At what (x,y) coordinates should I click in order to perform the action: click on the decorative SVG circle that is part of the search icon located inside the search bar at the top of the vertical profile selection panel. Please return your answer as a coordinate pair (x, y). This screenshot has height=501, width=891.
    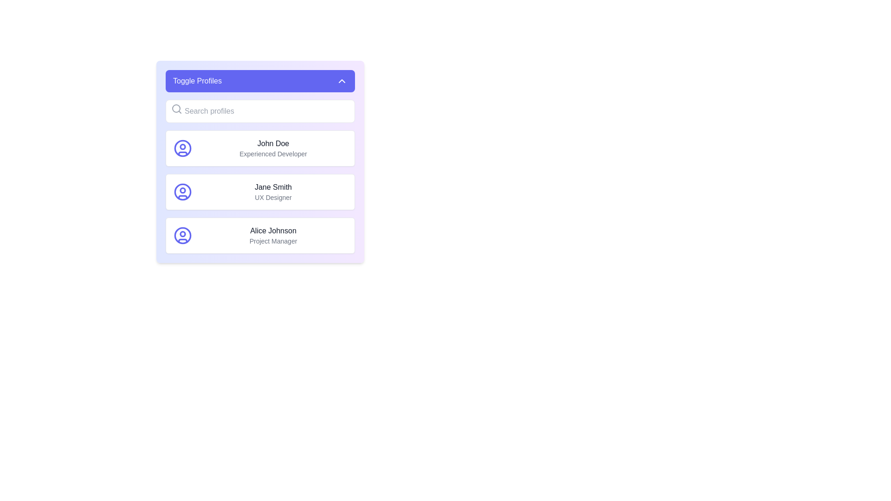
    Looking at the image, I should click on (176, 108).